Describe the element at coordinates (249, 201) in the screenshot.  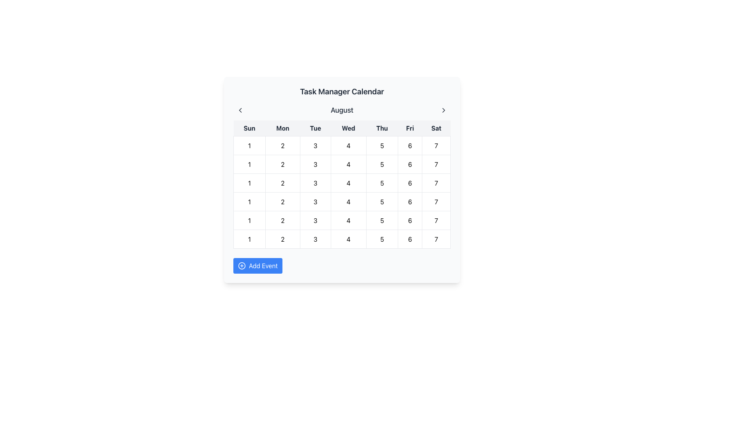
I see `the text in the first cell of the calendar grid that represents a specific date` at that location.